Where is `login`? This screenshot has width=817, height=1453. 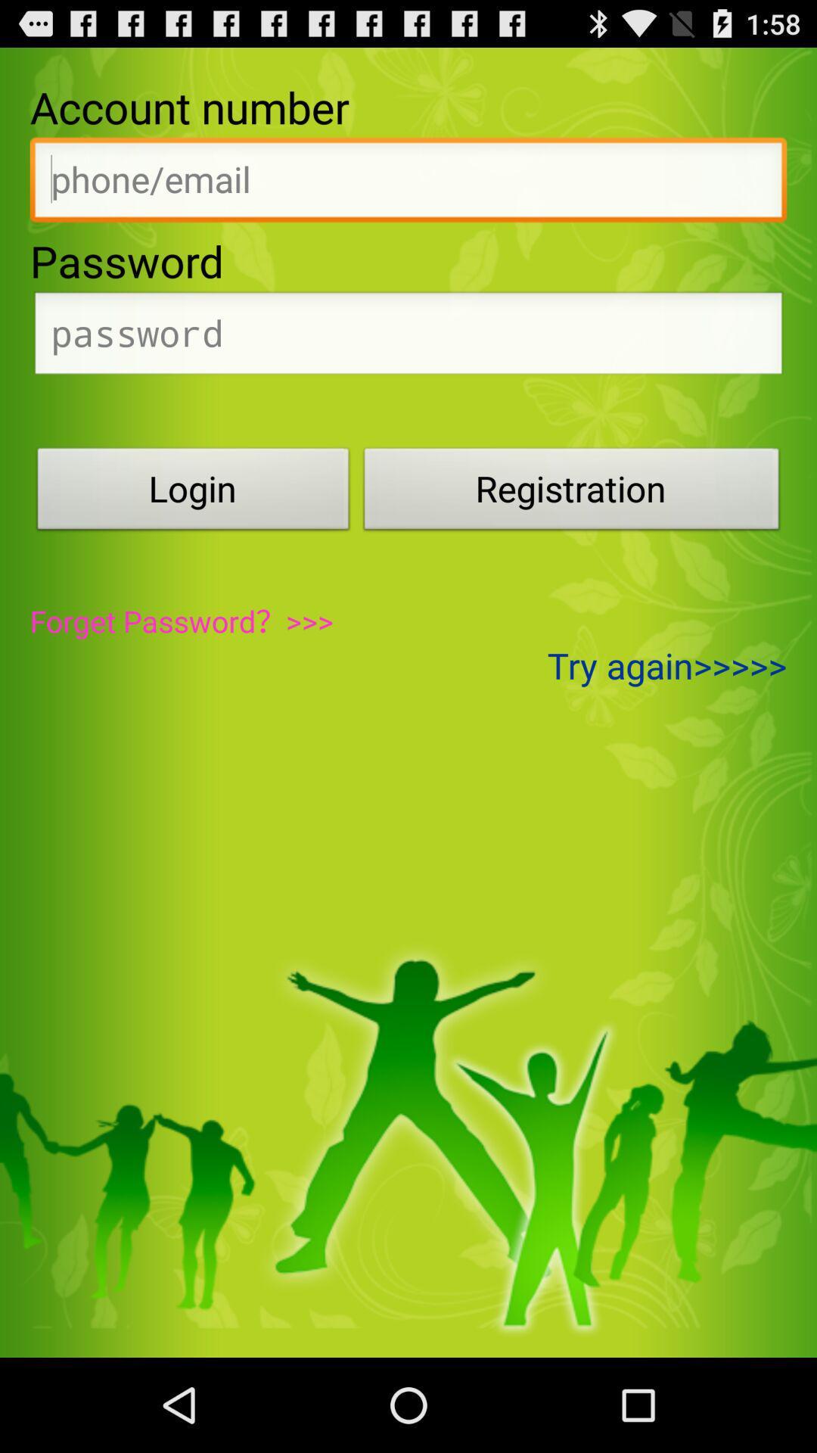
login is located at coordinates (192, 493).